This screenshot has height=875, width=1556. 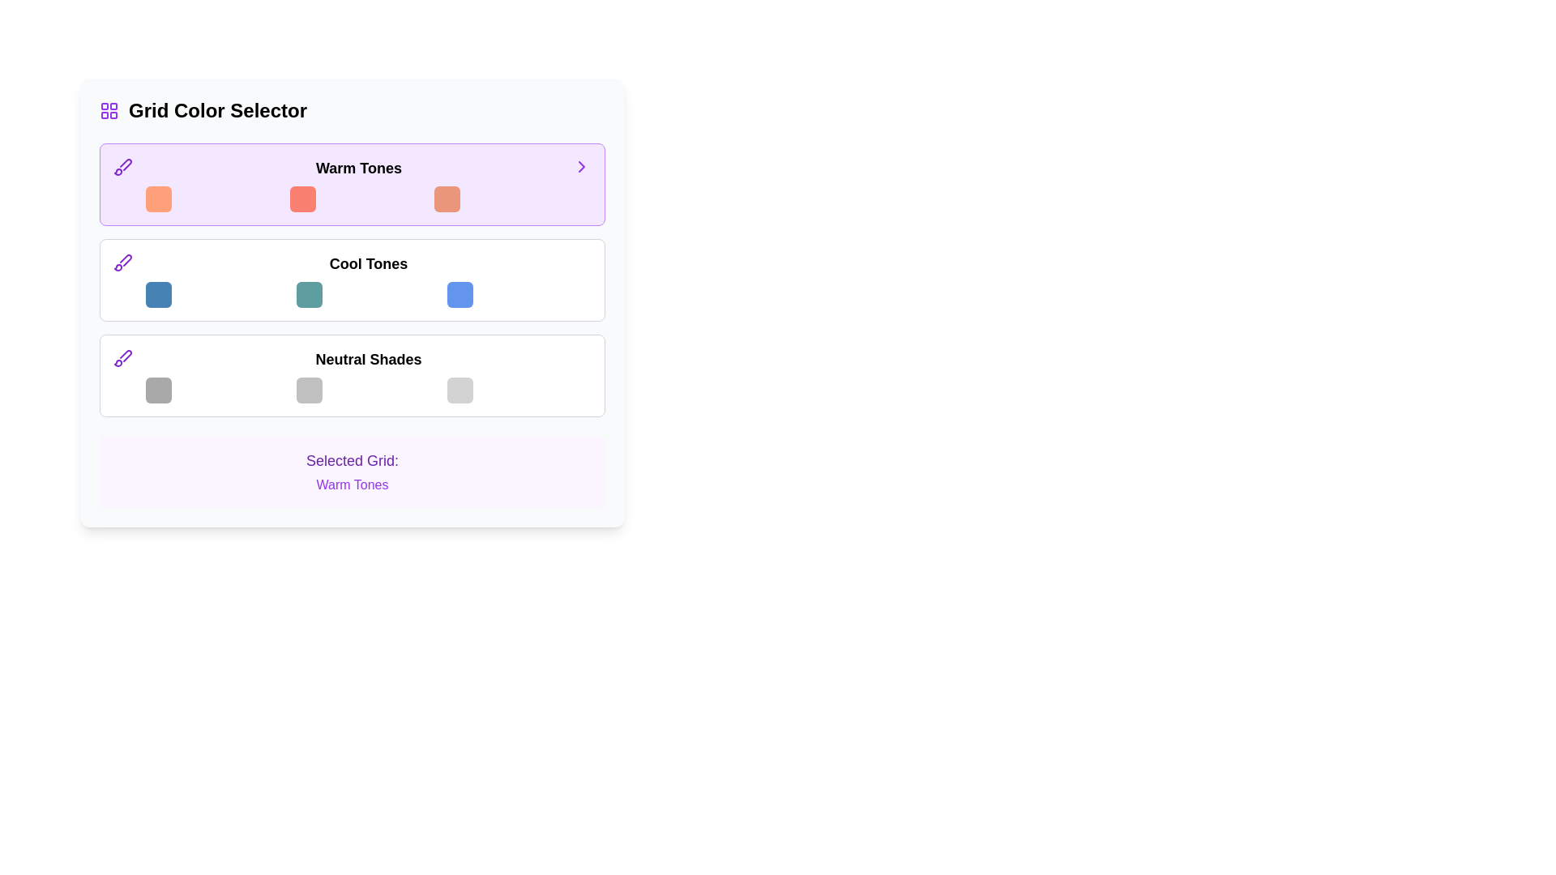 I want to click on the third square color swatch with a salmon-like color in the 'Warm Tones' section, so click(x=447, y=198).